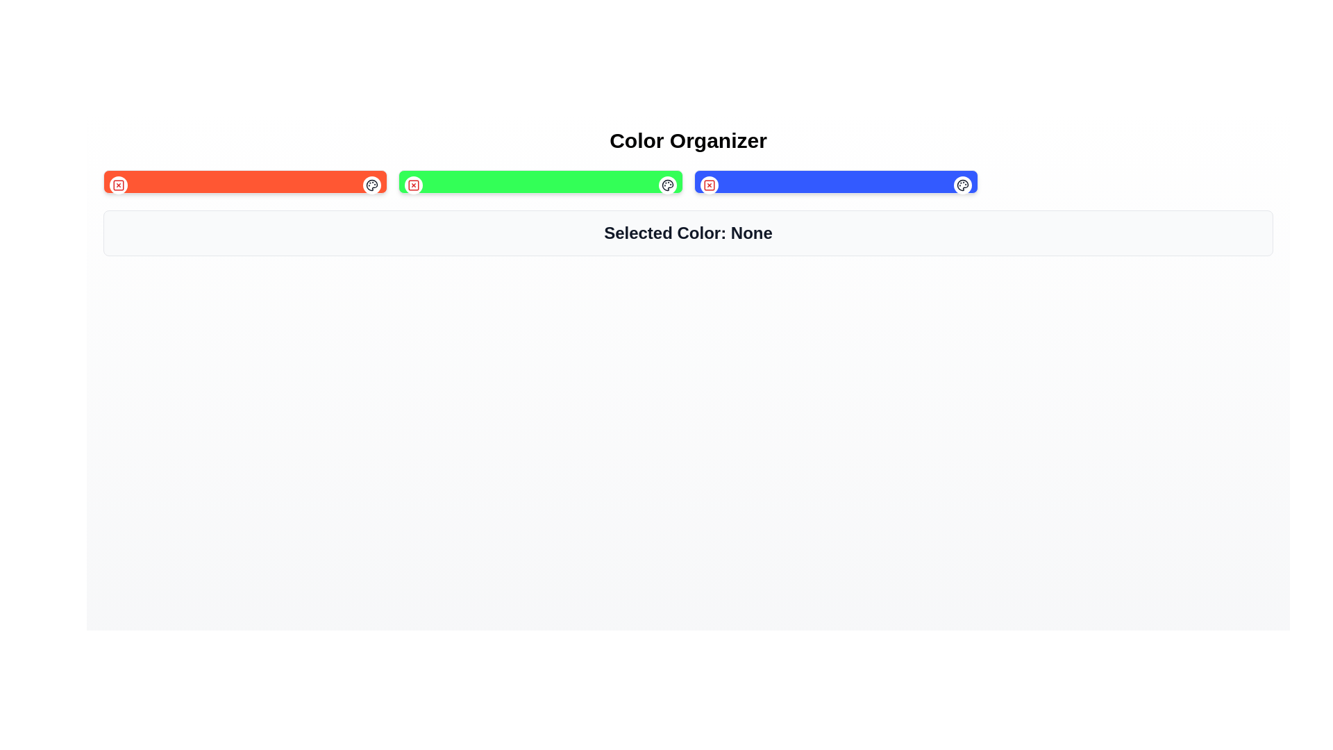 The width and height of the screenshot is (1333, 750). What do you see at coordinates (667, 184) in the screenshot?
I see `the palette icon with a hollow outline and circular indentations, located at the top-right corner of the green color bar` at bounding box center [667, 184].